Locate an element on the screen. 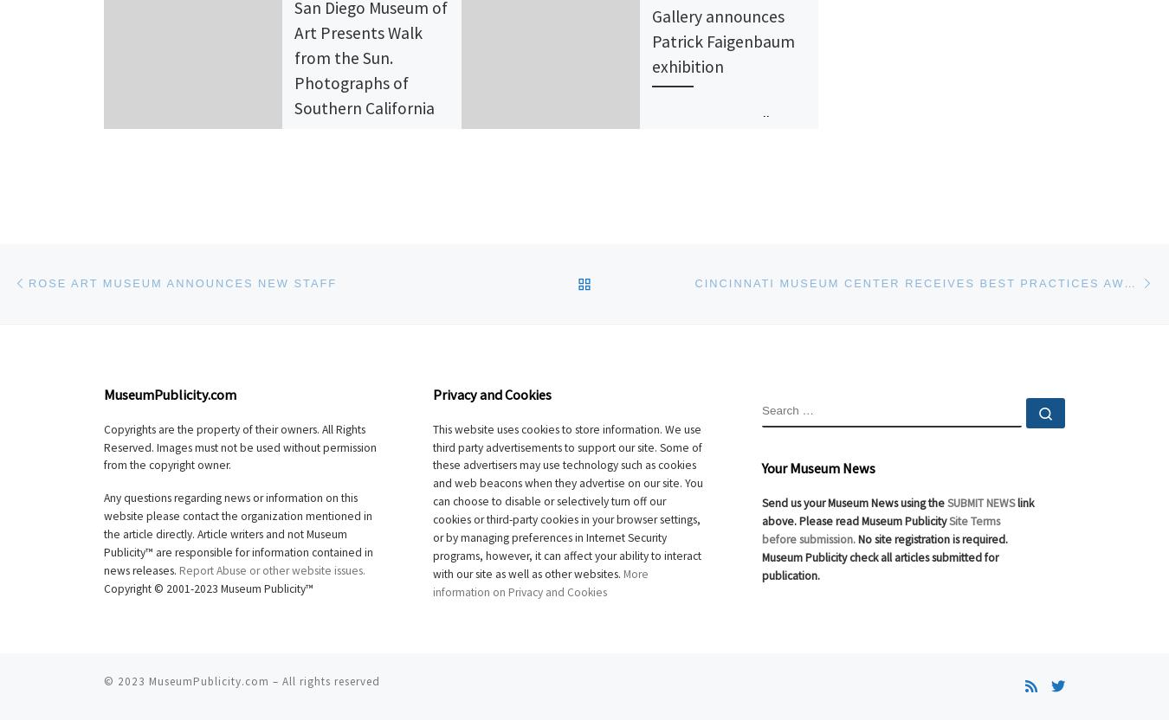 The width and height of the screenshot is (1169, 720). 'Cincinnati Museum Center Receives Best Practices Award' is located at coordinates (923, 283).